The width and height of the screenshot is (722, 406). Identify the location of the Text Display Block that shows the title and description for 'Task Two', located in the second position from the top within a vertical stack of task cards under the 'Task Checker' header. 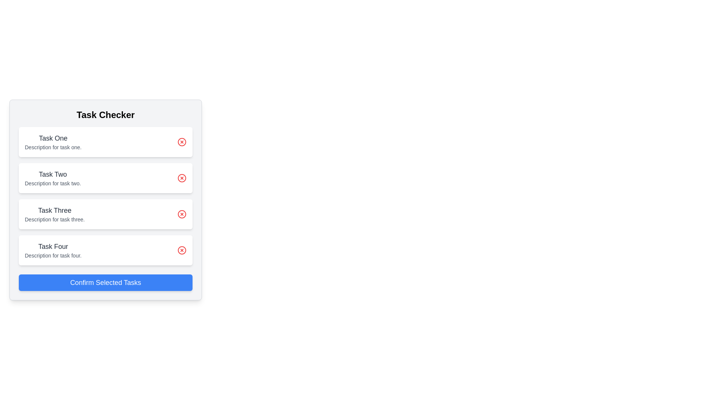
(52, 178).